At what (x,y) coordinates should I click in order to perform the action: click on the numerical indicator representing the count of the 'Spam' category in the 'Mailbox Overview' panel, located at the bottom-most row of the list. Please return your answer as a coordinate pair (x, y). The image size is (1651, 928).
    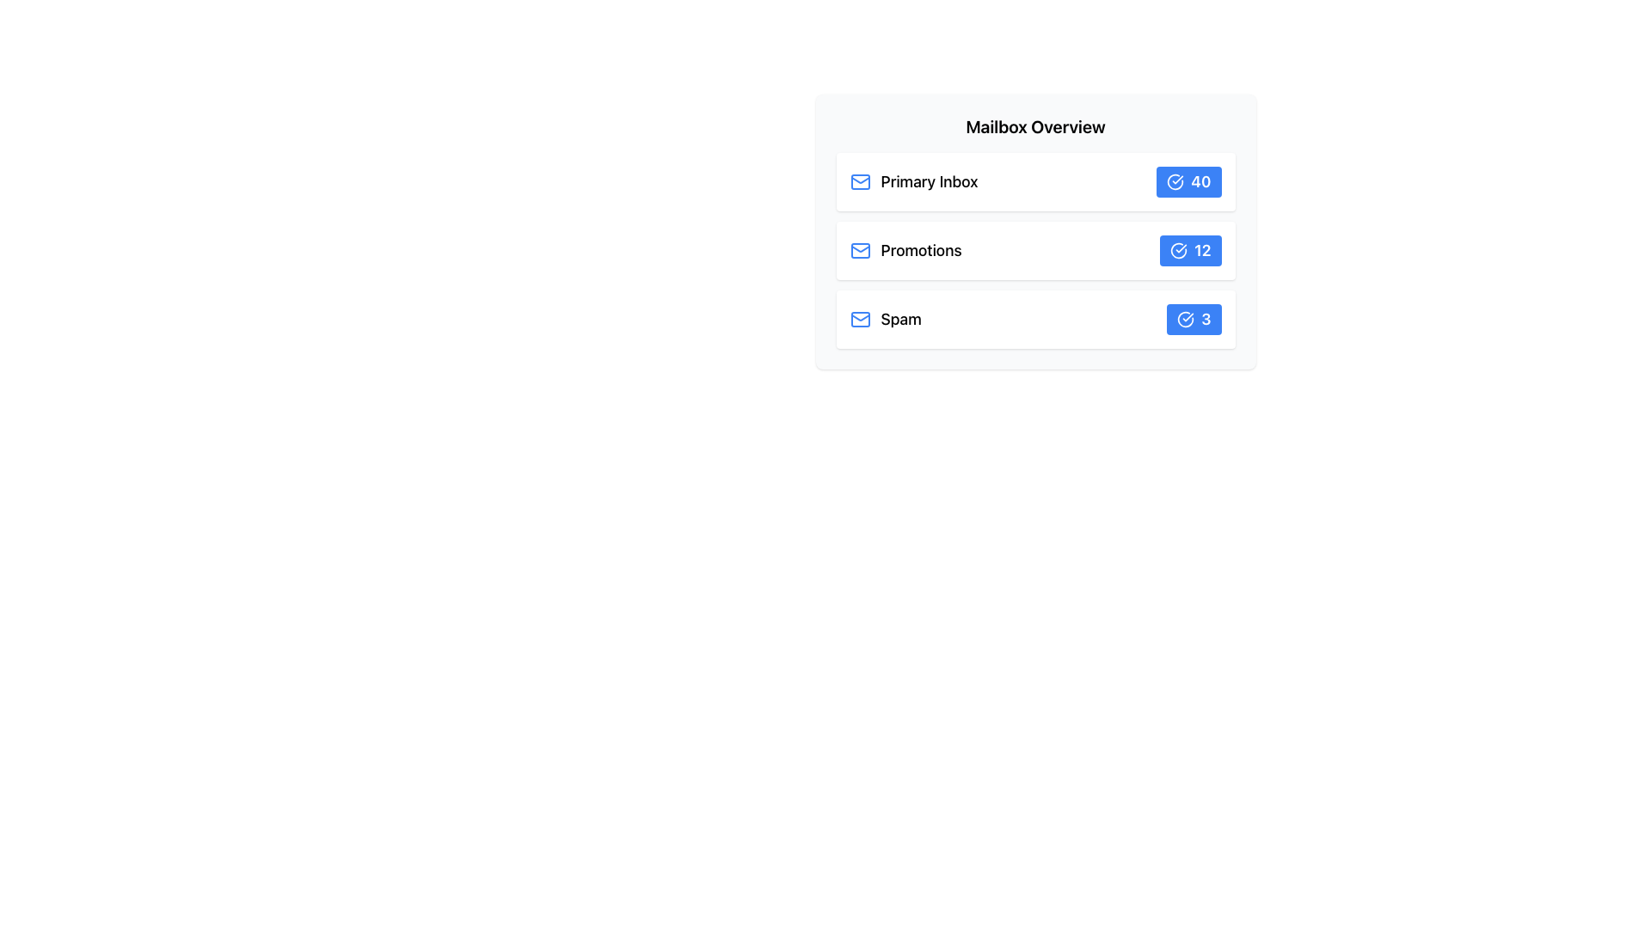
    Looking at the image, I should click on (1205, 319).